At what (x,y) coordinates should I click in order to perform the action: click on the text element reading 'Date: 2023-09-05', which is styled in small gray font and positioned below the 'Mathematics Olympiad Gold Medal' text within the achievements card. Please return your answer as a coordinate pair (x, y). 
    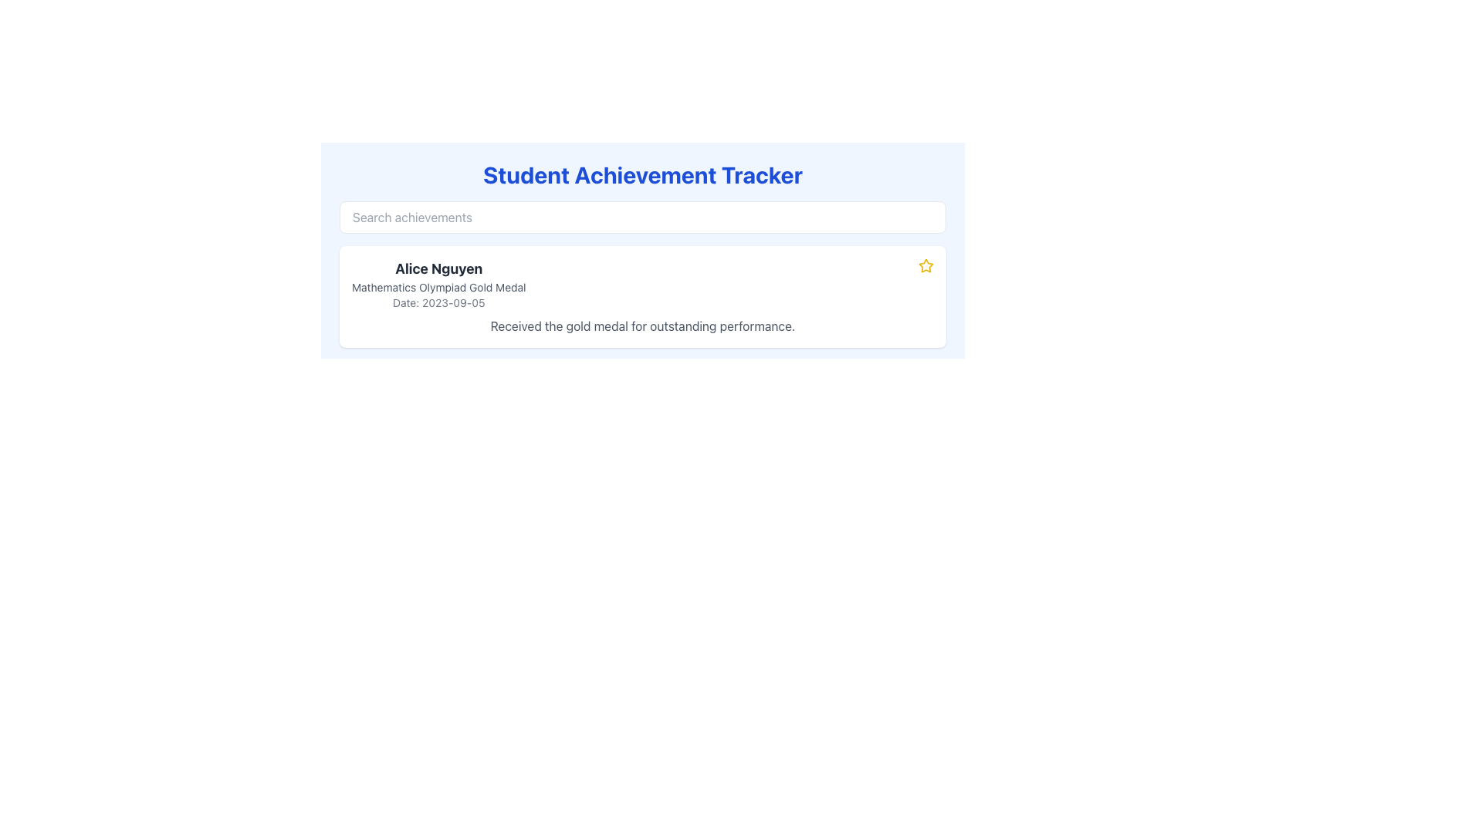
    Looking at the image, I should click on (438, 303).